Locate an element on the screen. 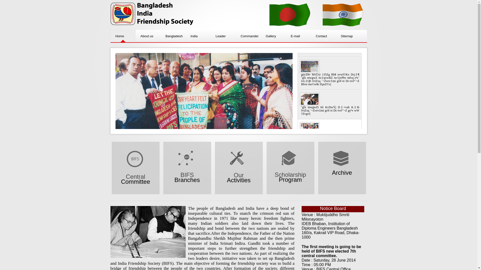 Image resolution: width=481 pixels, height=270 pixels. 'BIFS' is located at coordinates (151, 14).